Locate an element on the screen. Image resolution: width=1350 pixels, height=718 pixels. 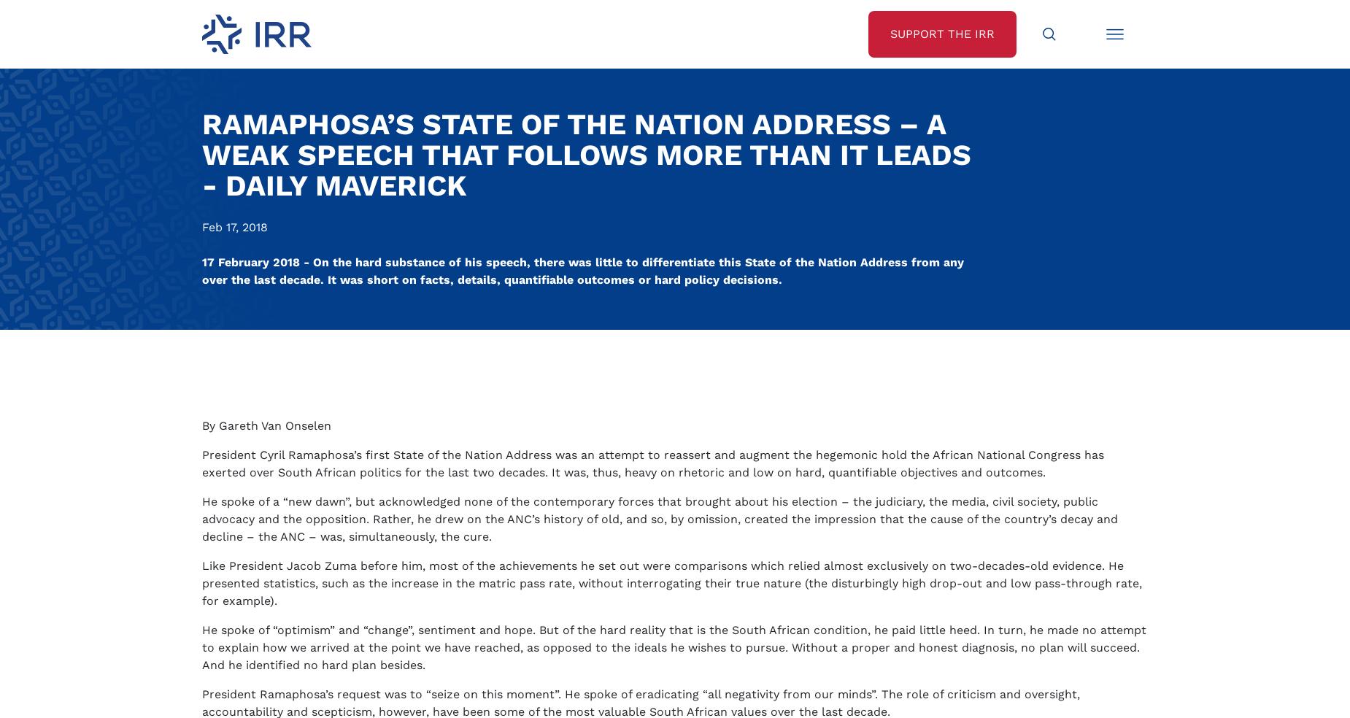
'INES (Integrated National Export Strategy);' is located at coordinates (349, 501).